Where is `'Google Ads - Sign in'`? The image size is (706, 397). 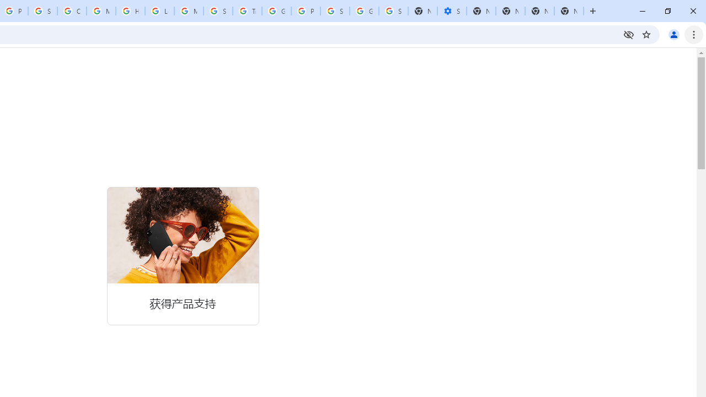 'Google Ads - Sign in' is located at coordinates (276, 11).